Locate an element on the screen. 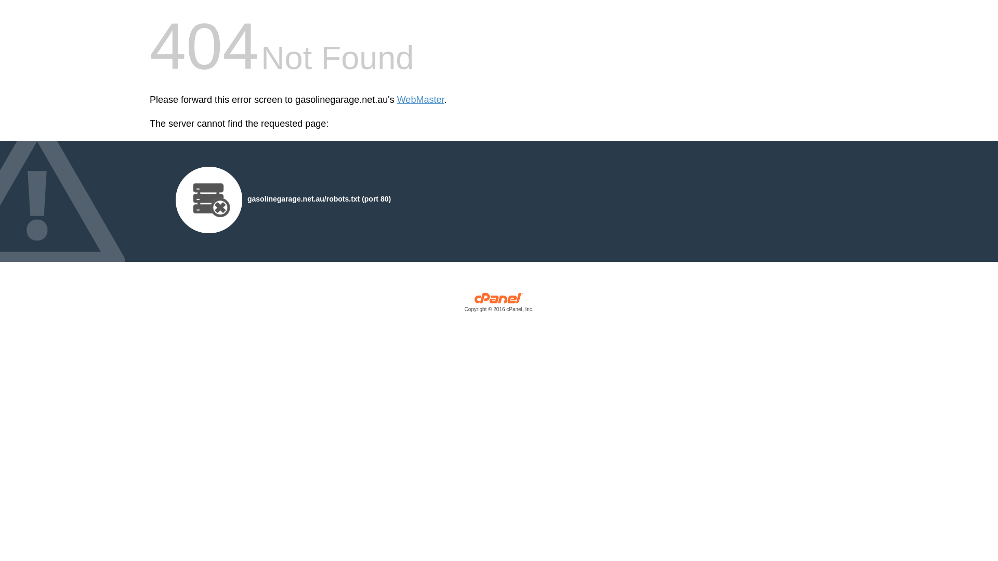 The width and height of the screenshot is (998, 561). 'WebMaster' is located at coordinates (421, 100).